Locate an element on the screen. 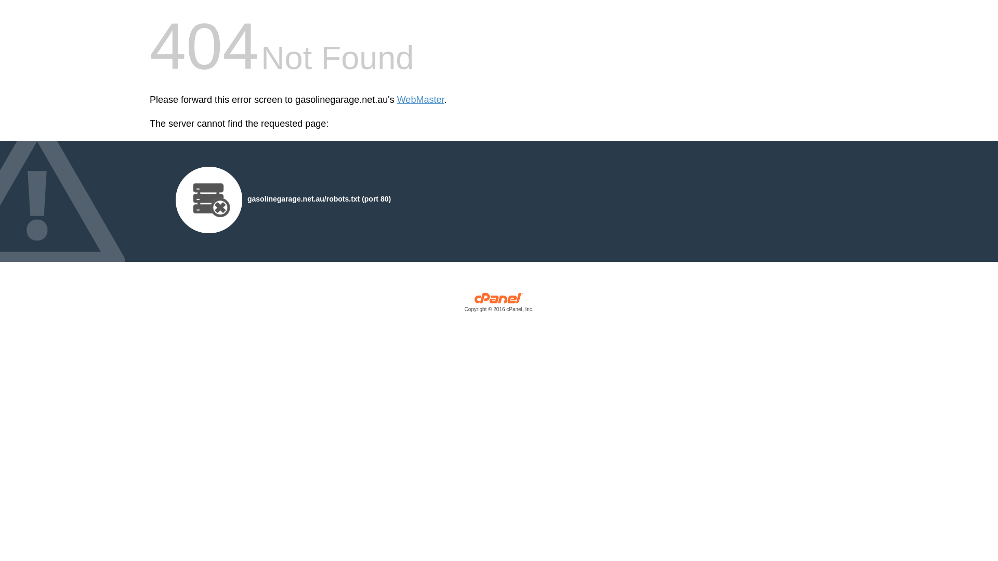 The width and height of the screenshot is (998, 561). 'WebMaster' is located at coordinates (421, 100).